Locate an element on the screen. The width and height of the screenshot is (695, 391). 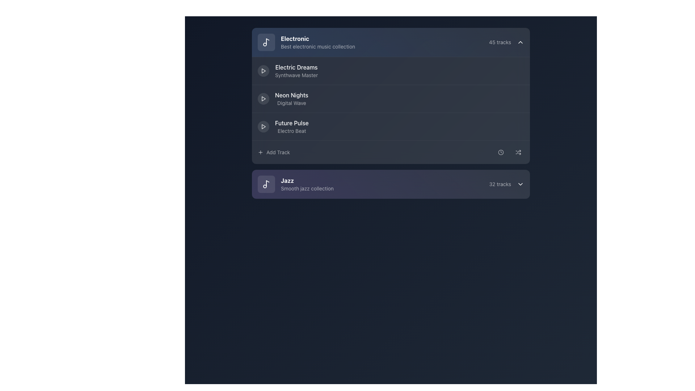
the 'Add Track' button with a plus icon, which is located in the bottom section of the 'Electronic' group, directly below 'Future Pulse' and above 'Jazz' is located at coordinates (273, 152).